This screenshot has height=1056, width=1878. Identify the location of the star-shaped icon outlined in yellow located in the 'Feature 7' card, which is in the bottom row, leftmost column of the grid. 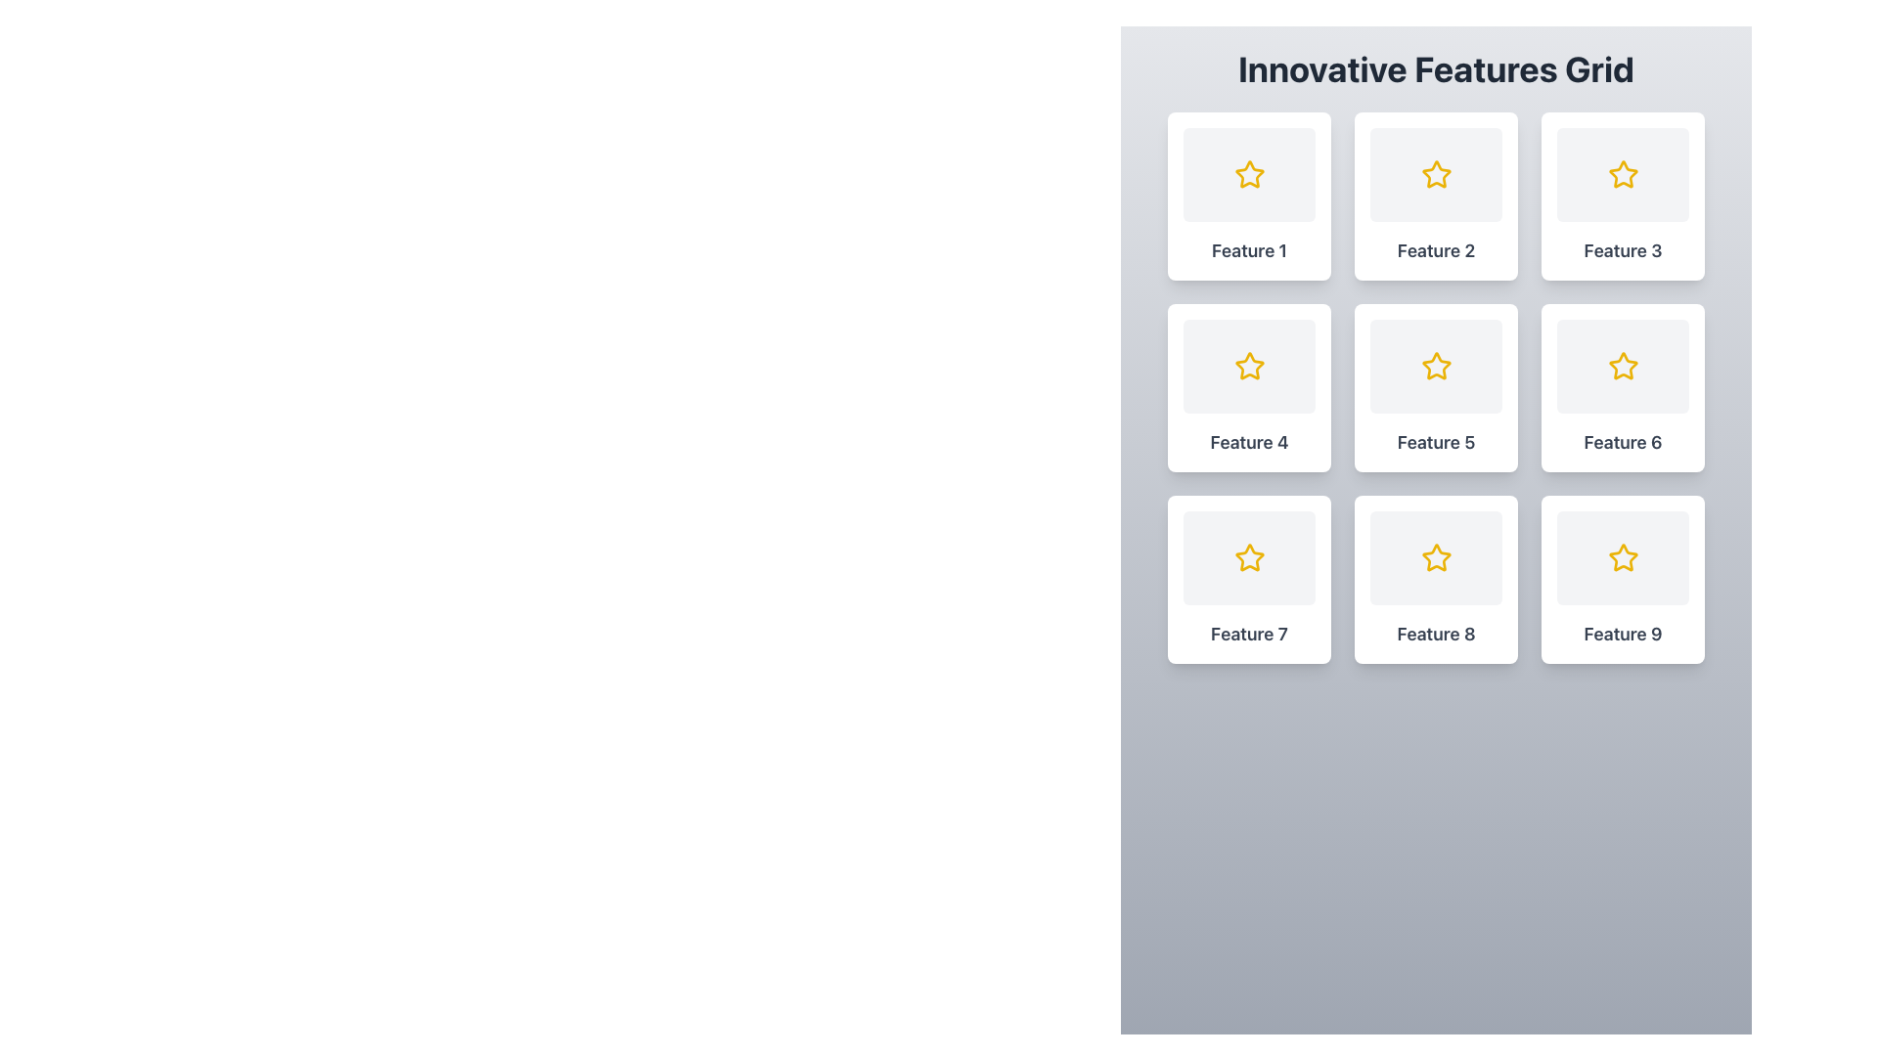
(1248, 557).